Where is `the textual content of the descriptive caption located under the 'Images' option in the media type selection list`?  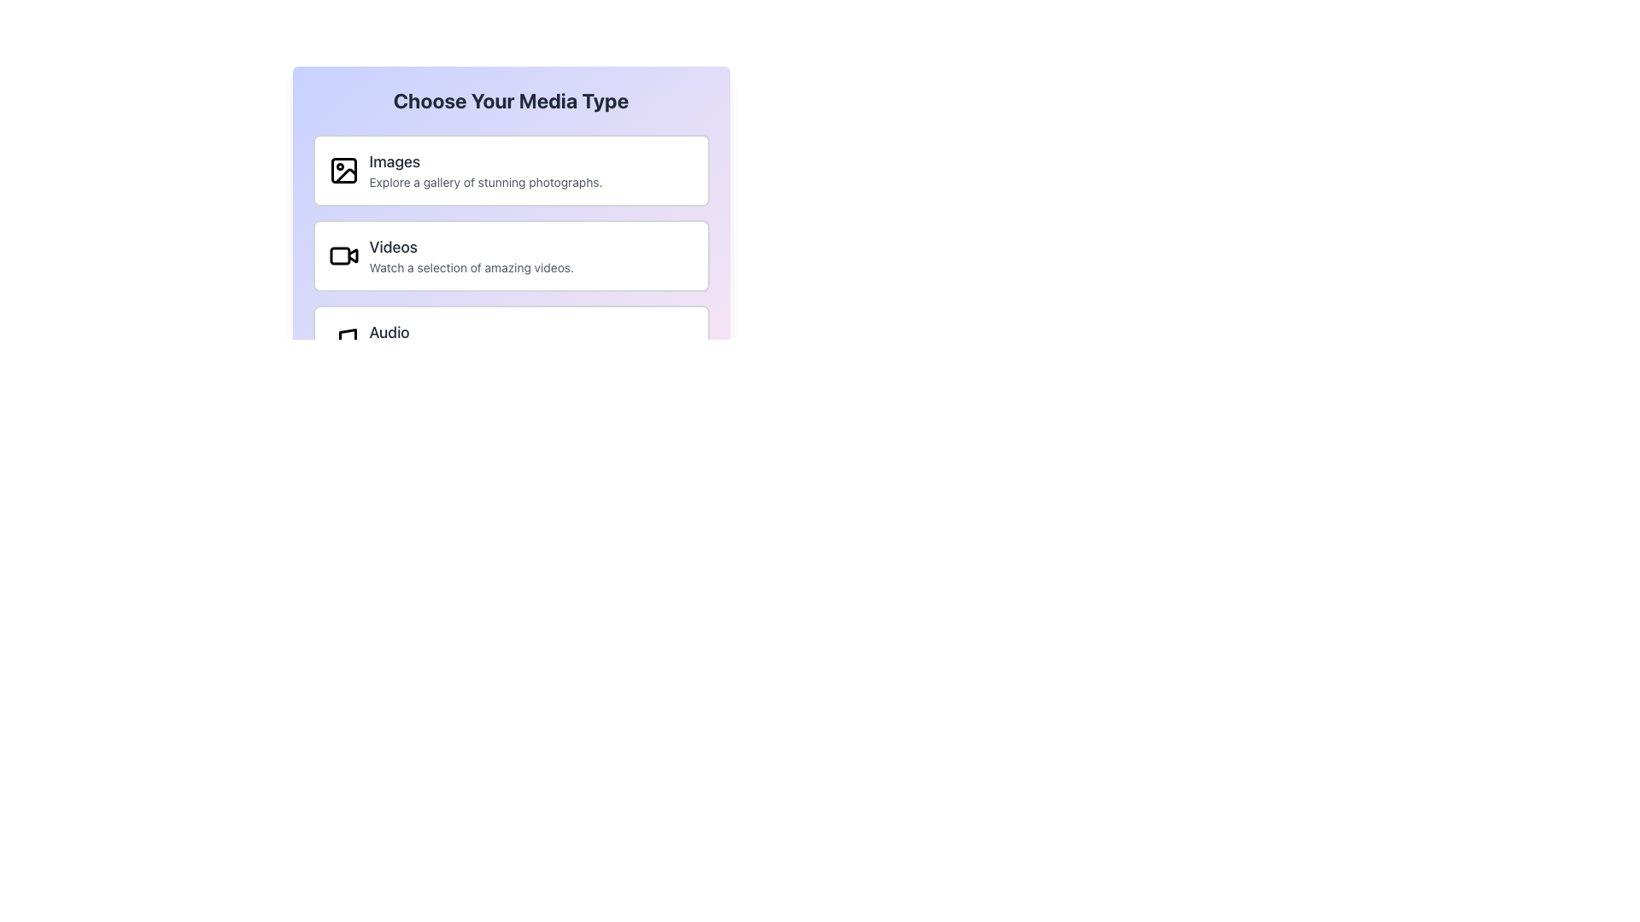 the textual content of the descriptive caption located under the 'Images' option in the media type selection list is located at coordinates (485, 182).